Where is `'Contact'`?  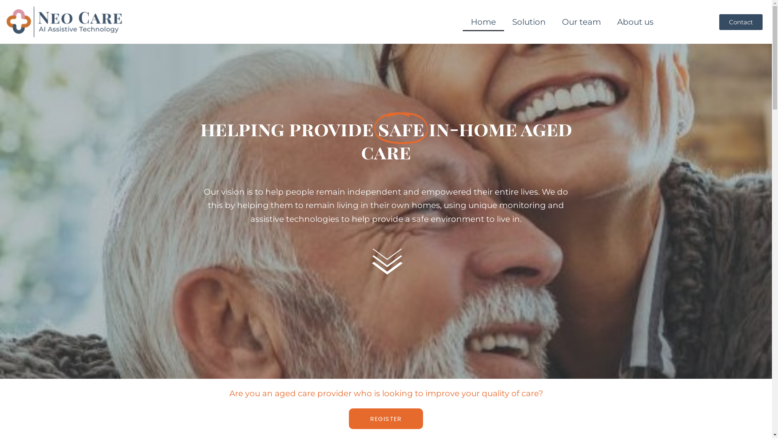 'Contact' is located at coordinates (741, 21).